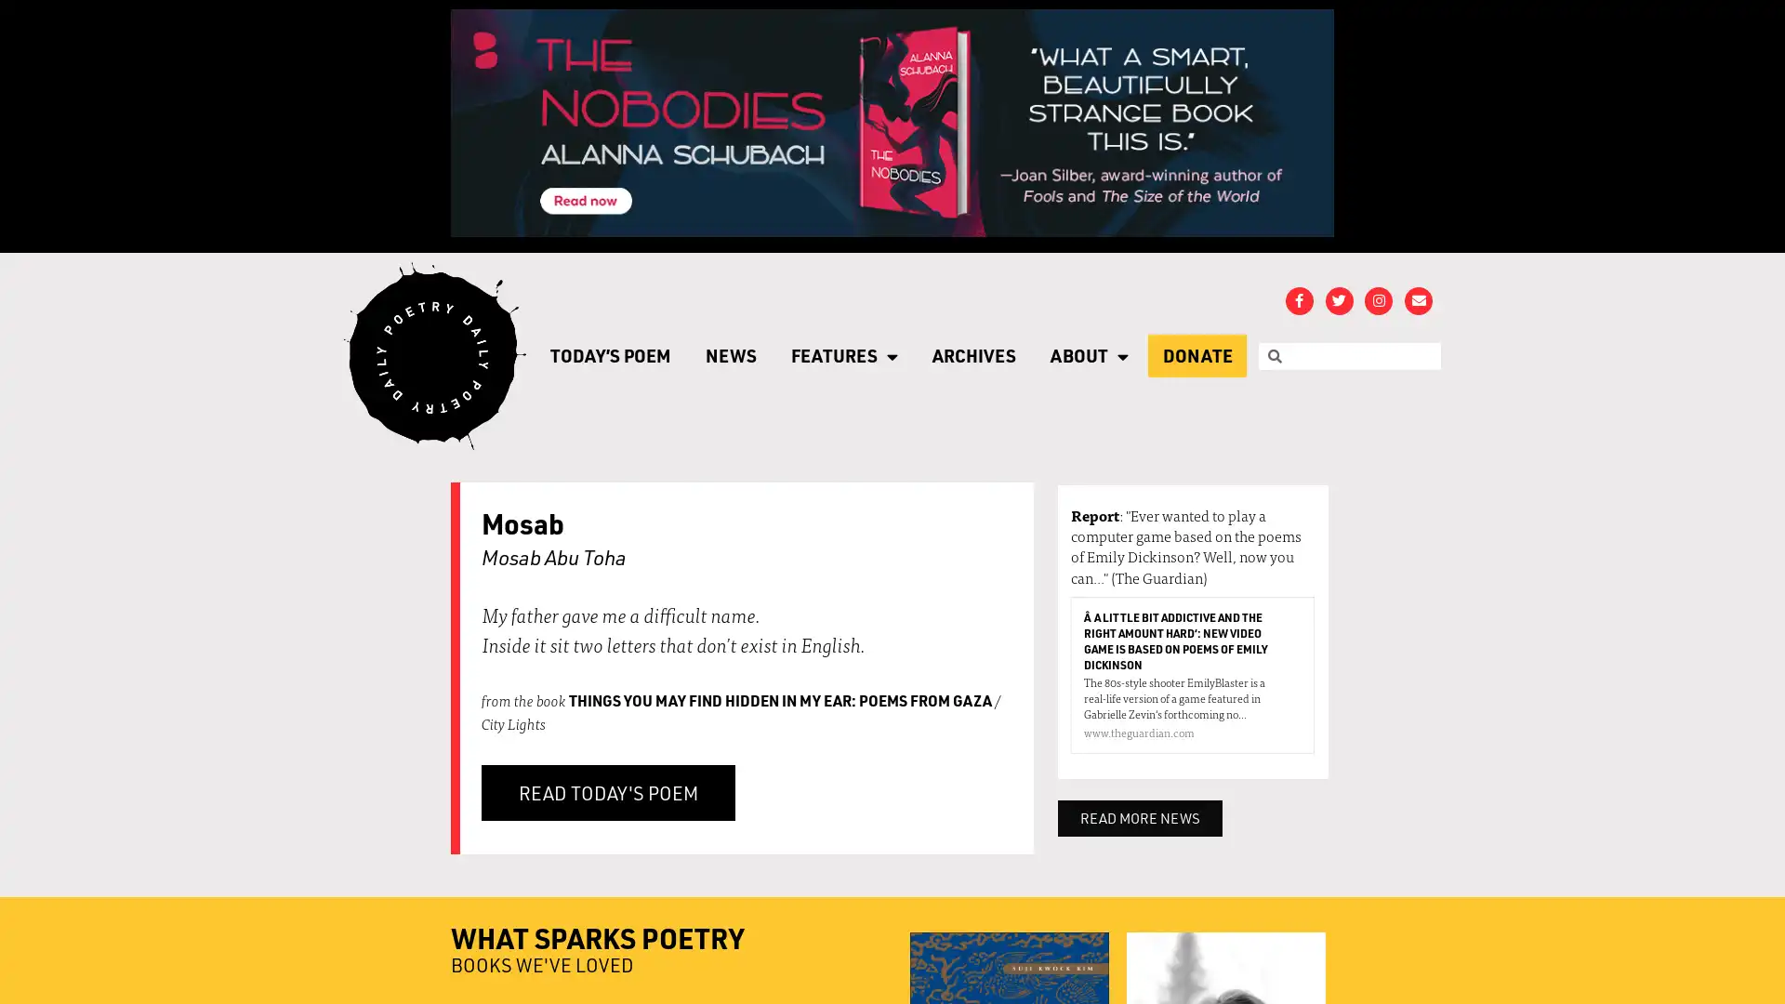 This screenshot has width=1785, height=1004. Describe the element at coordinates (607, 792) in the screenshot. I see `READ TODAY'S POEM` at that location.